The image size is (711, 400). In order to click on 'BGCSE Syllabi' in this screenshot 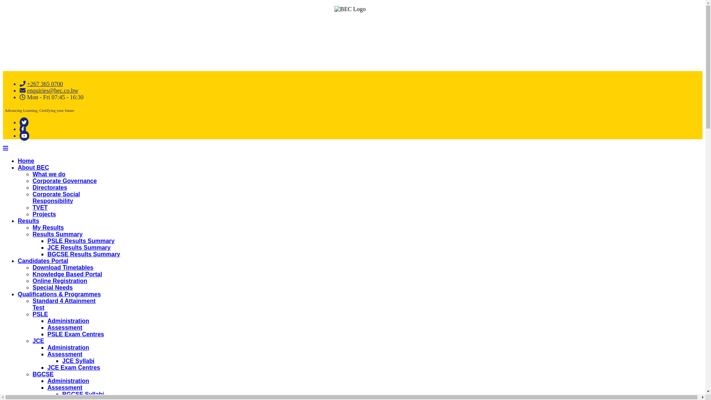, I will do `click(83, 394)`.